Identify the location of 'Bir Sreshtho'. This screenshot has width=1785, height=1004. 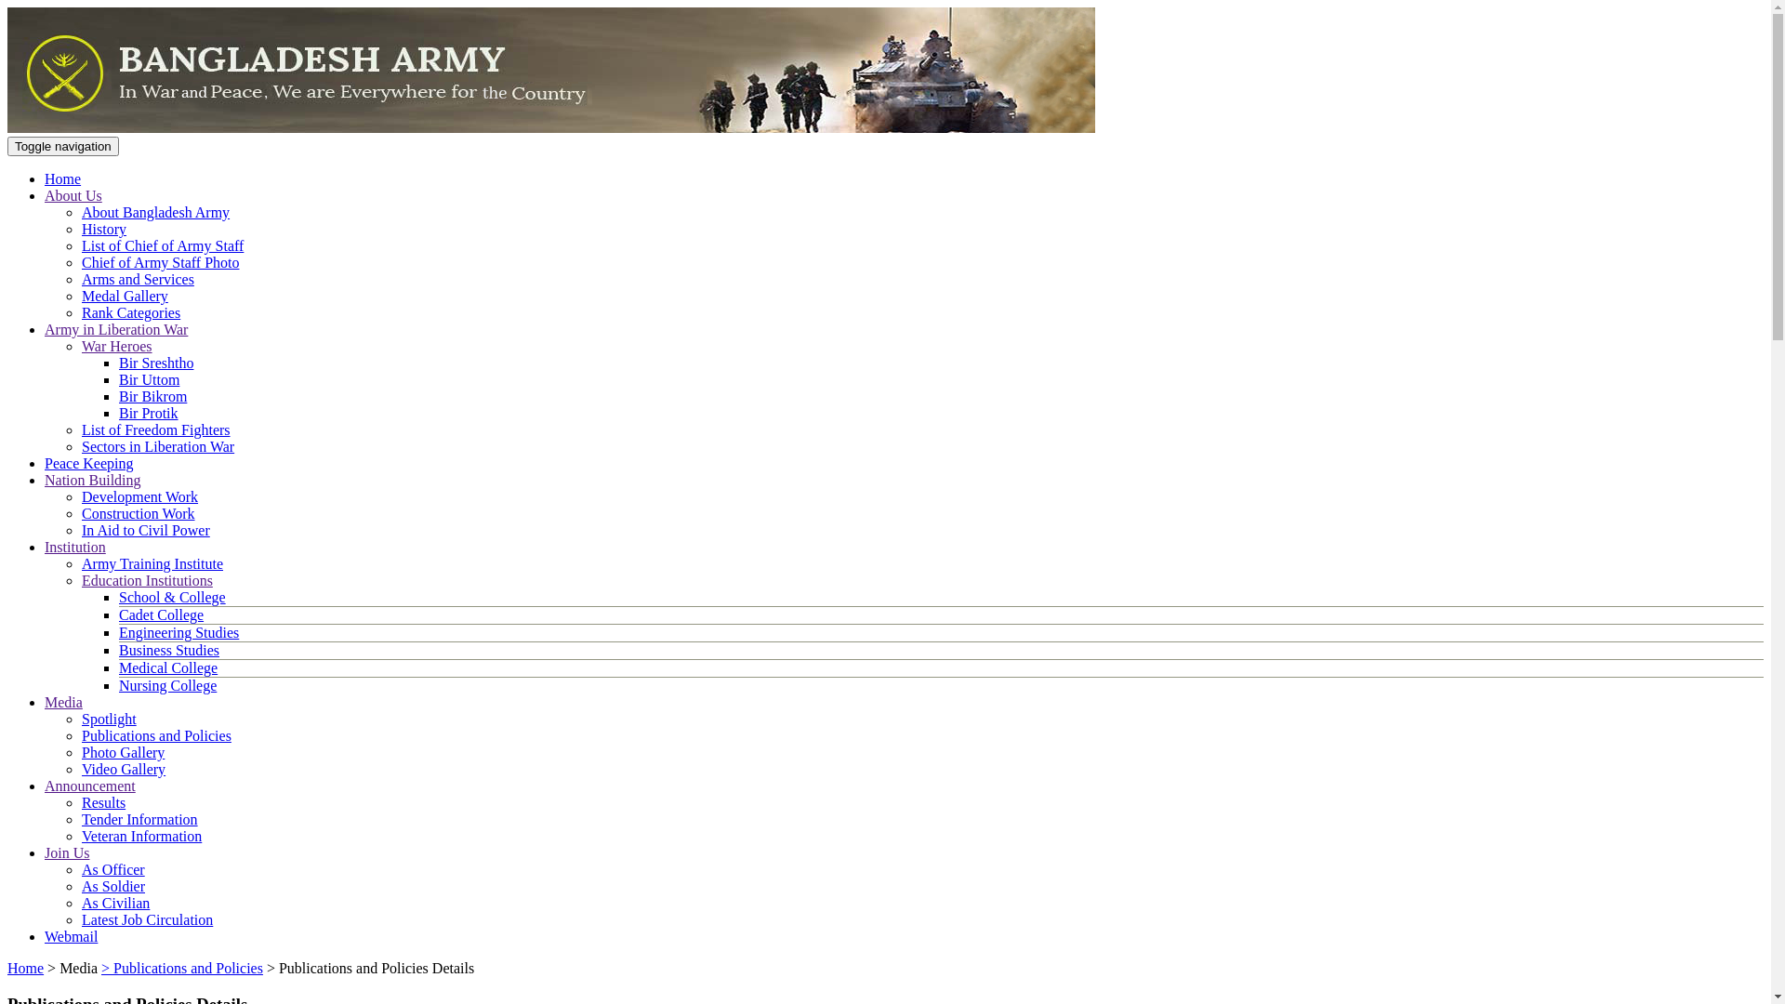
(156, 363).